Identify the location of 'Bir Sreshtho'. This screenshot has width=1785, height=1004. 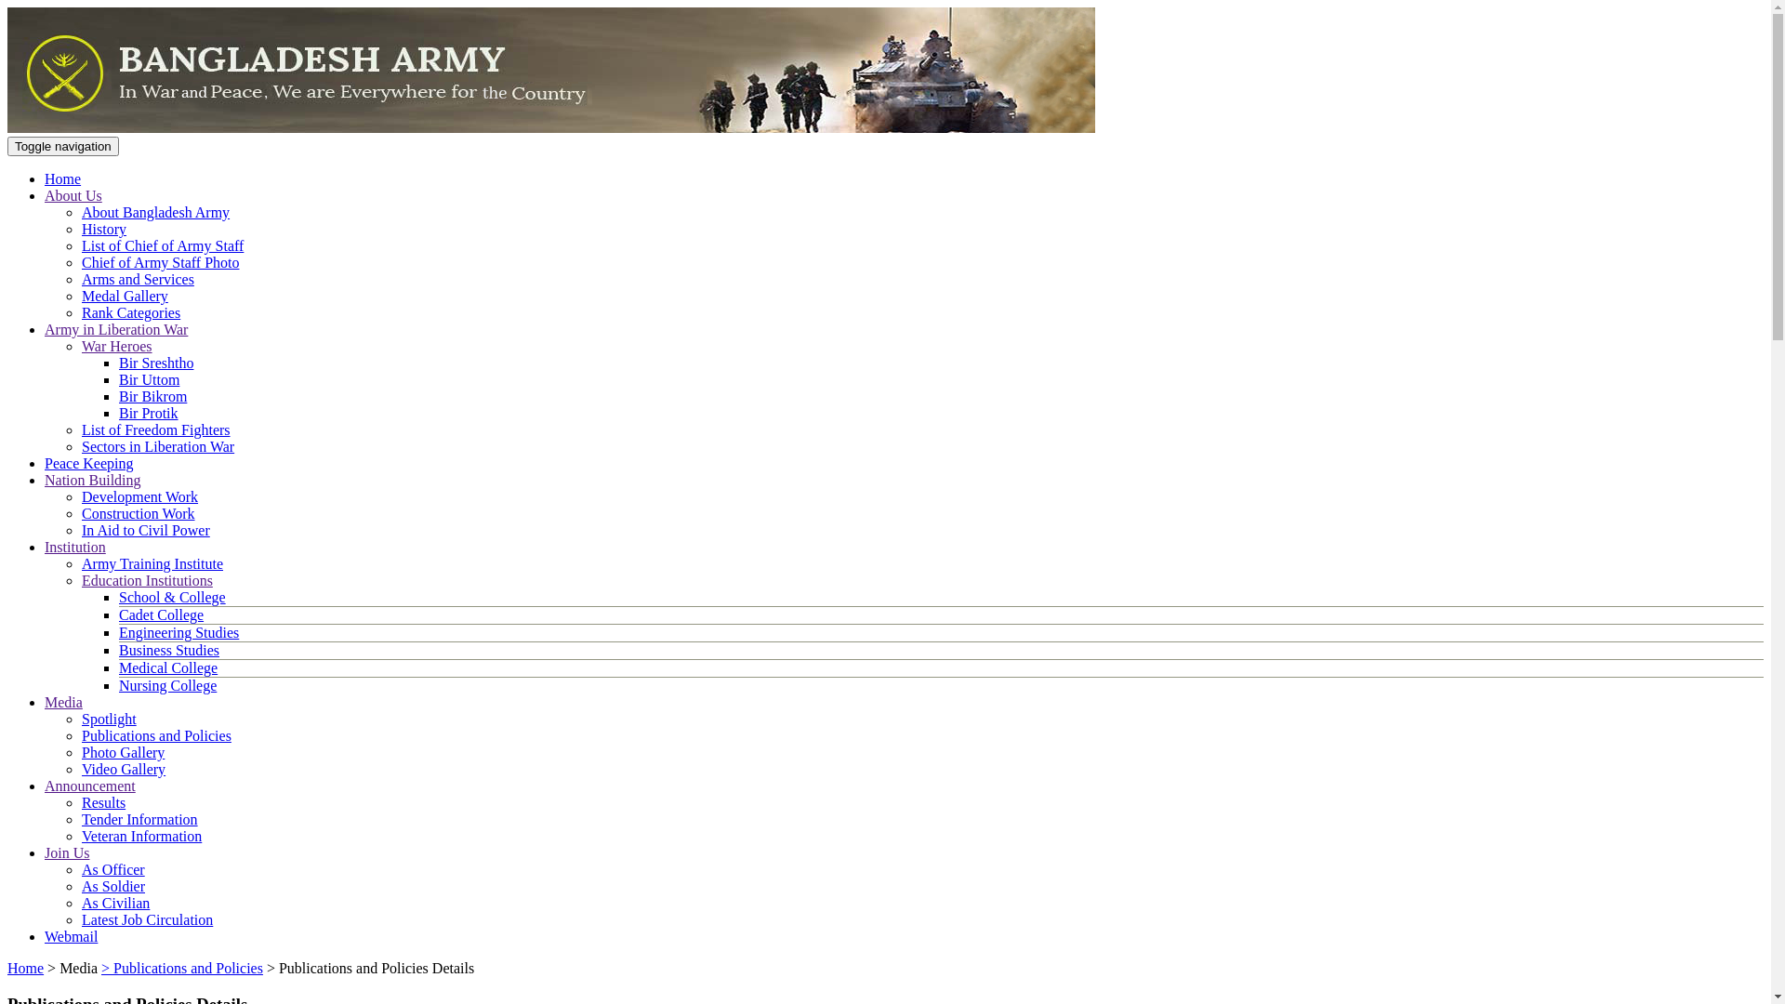
(156, 363).